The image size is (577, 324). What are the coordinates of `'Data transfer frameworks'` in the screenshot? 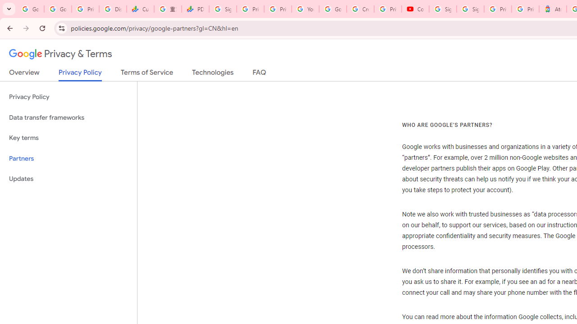 It's located at (68, 117).